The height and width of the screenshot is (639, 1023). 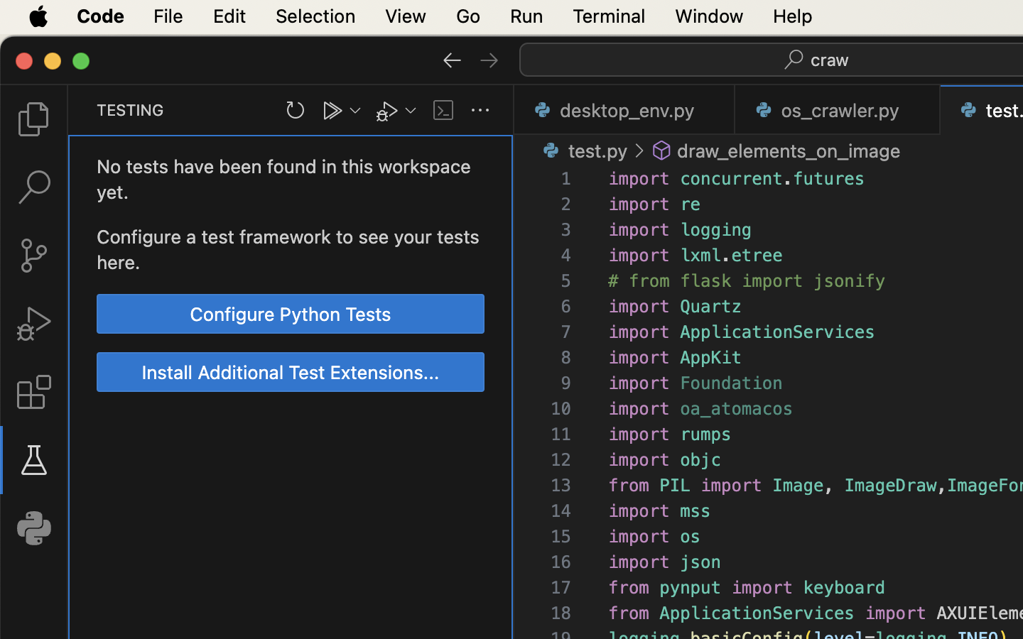 What do you see at coordinates (788, 151) in the screenshot?
I see `'draw_elements_on_image'` at bounding box center [788, 151].